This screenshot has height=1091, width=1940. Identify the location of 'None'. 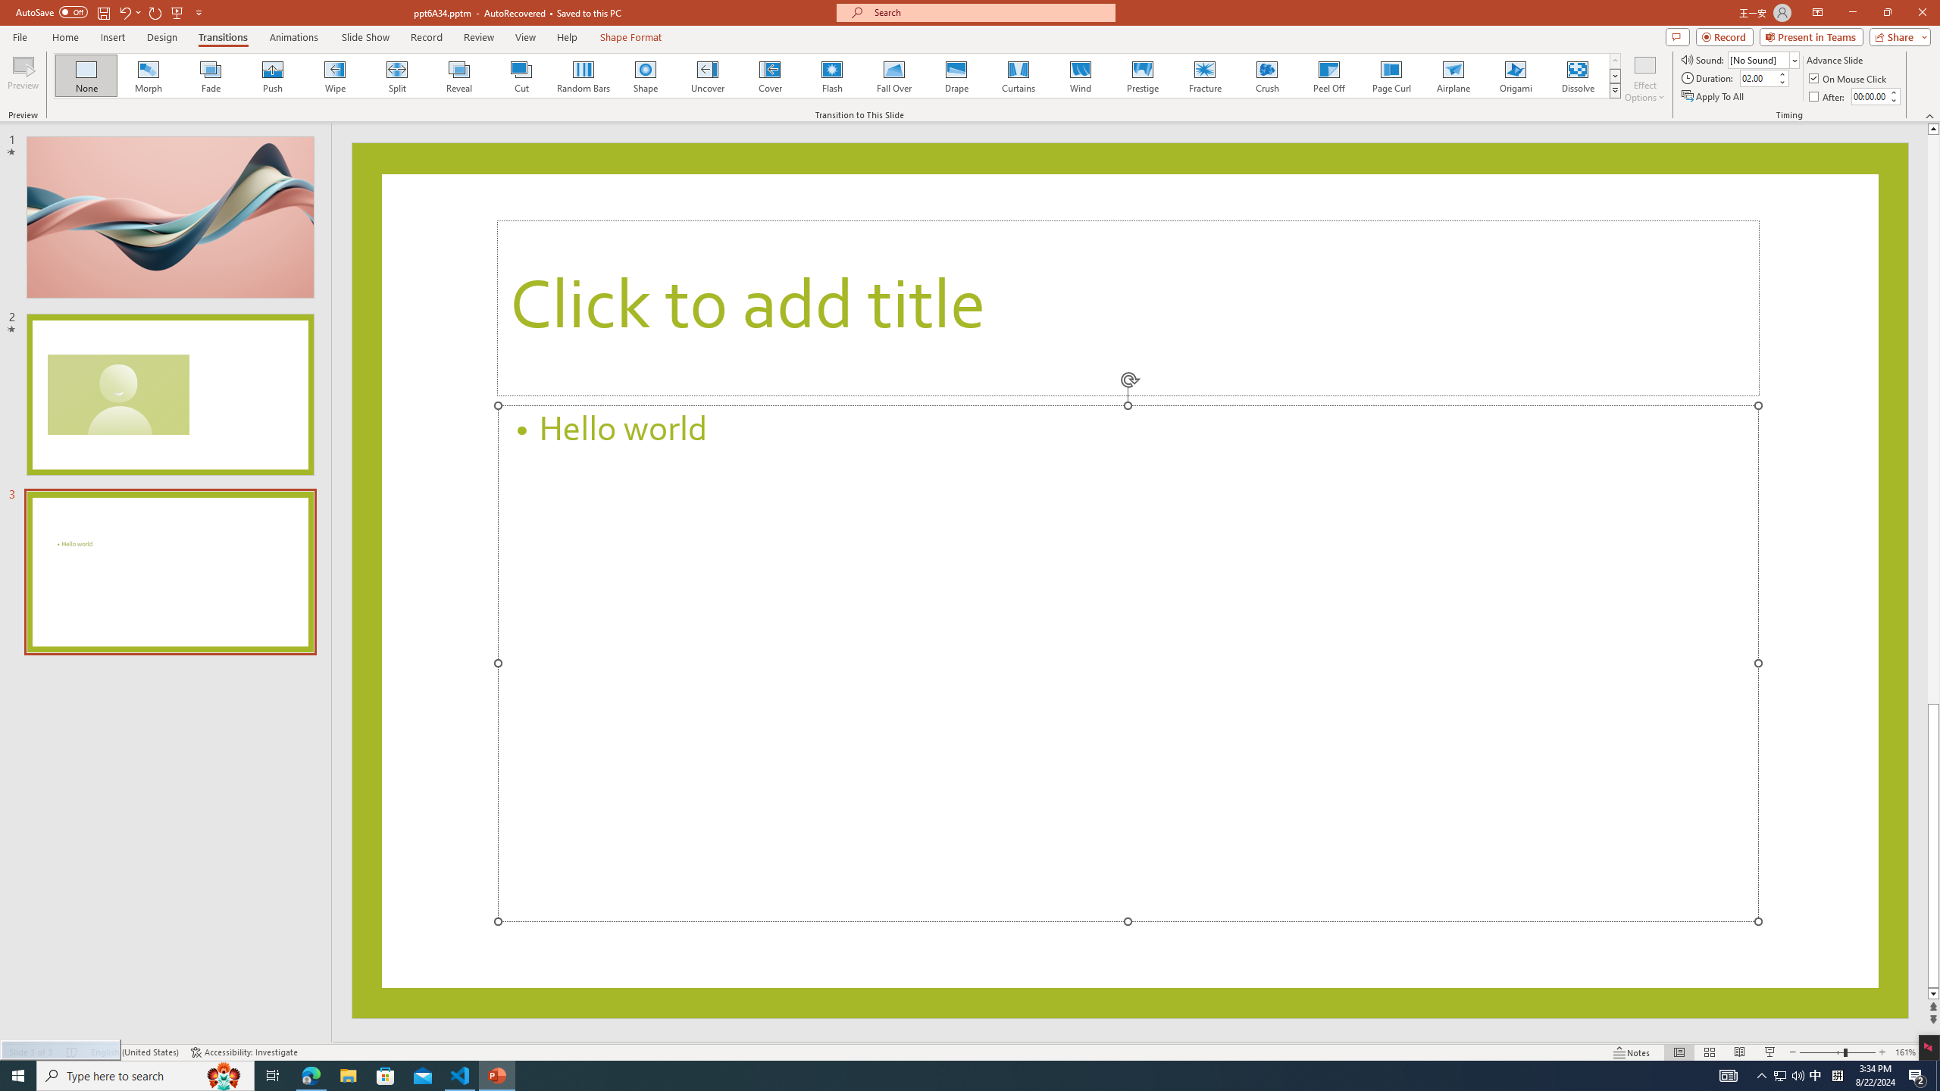
(86, 75).